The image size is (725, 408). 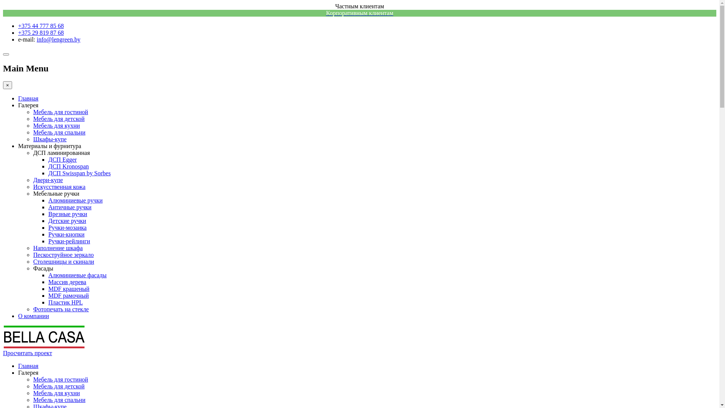 I want to click on 'info@lengreen.by', so click(x=58, y=39).